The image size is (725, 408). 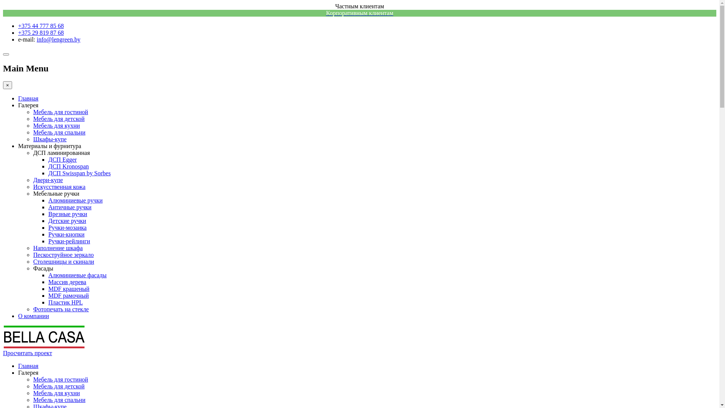 I want to click on 'info@lengreen.by', so click(x=58, y=39).